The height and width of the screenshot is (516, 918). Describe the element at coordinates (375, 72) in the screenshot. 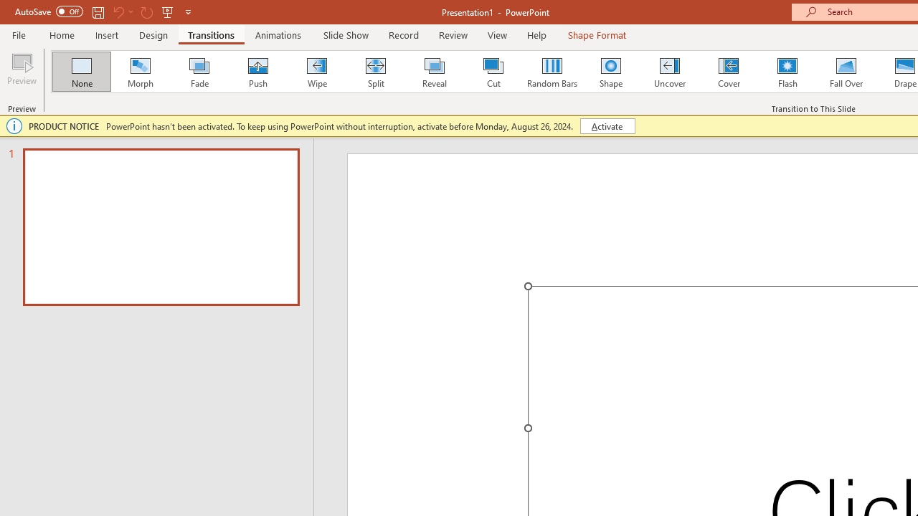

I see `'Split'` at that location.